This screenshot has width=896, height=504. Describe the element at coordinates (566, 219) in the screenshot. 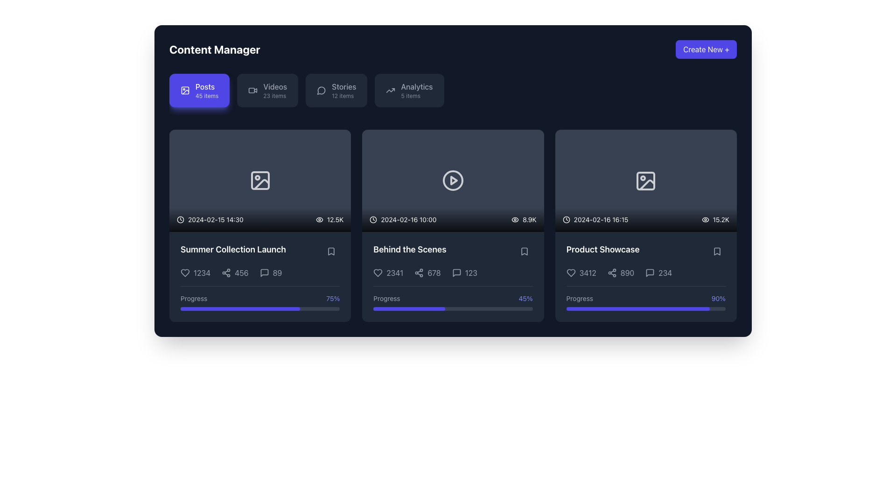

I see `the SVG Circle within the clock icon, which is located adjacent to the timestamp under the 'Product Showcase' card` at that location.